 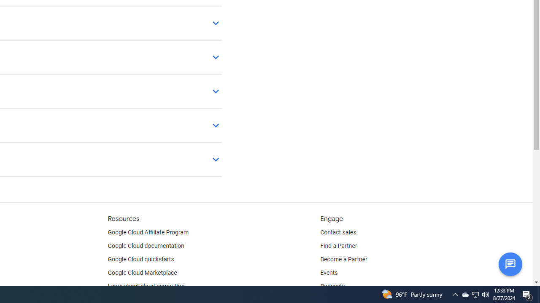 I want to click on 'Button to activate chat', so click(x=510, y=263).